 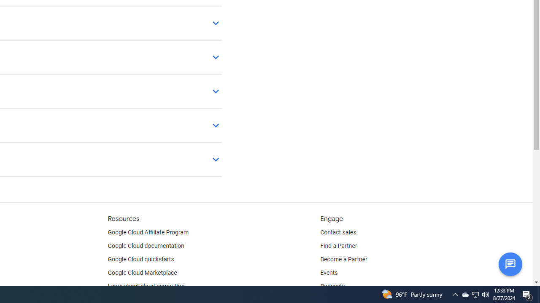 I want to click on 'Button to activate chat', so click(x=510, y=263).